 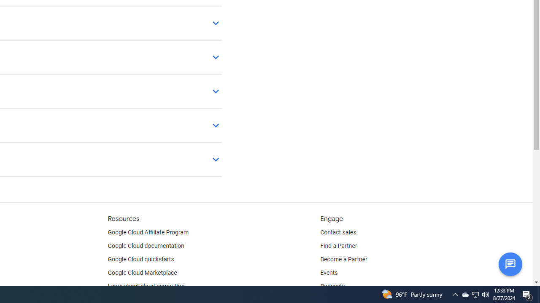 I want to click on 'Button to activate chat', so click(x=510, y=263).